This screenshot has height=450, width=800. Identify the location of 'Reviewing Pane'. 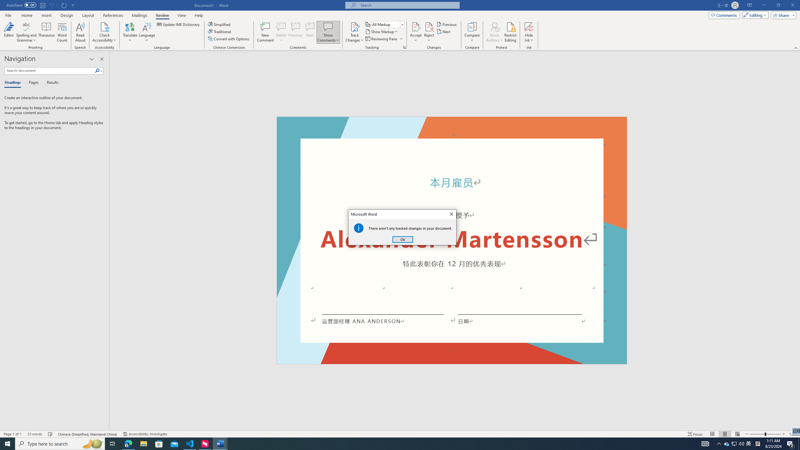
(381, 38).